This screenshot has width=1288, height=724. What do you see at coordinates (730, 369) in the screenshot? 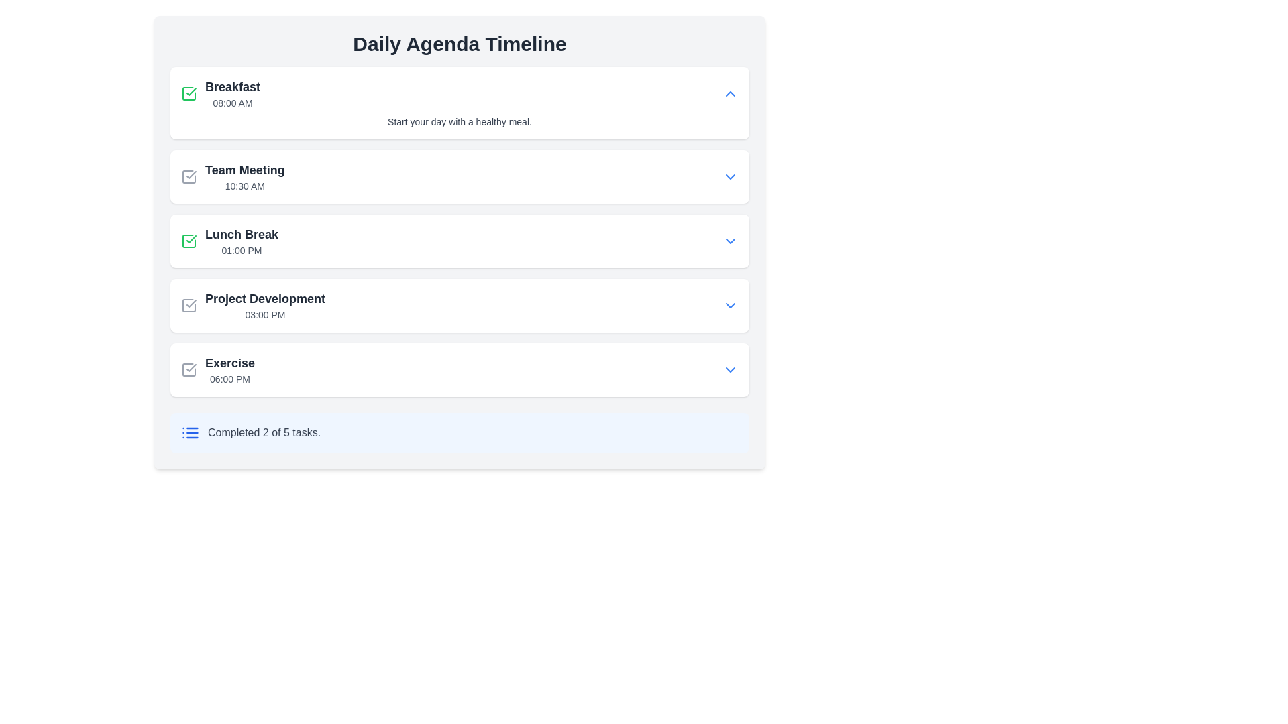
I see `the downward-pointing chevron icon located at the far-right end of the 'Exercise' section` at bounding box center [730, 369].